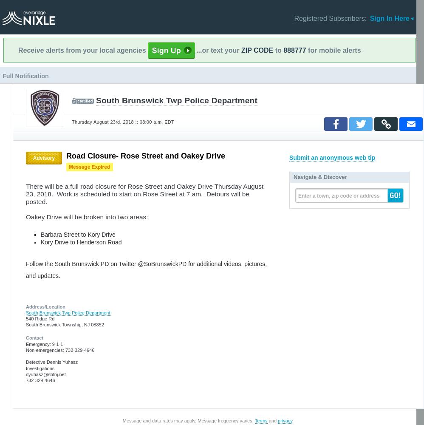  Describe the element at coordinates (338, 195) in the screenshot. I see `'Enter a town, zip code or address'` at that location.